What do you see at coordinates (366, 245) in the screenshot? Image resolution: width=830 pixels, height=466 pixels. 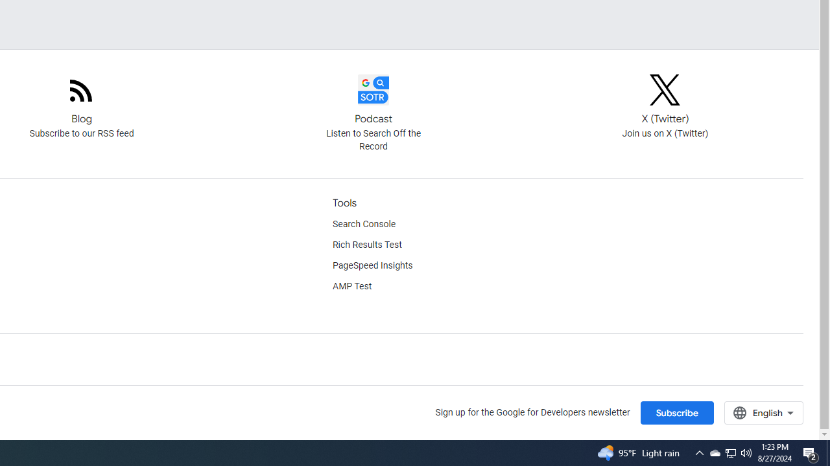 I see `'Rich Results Test'` at bounding box center [366, 245].